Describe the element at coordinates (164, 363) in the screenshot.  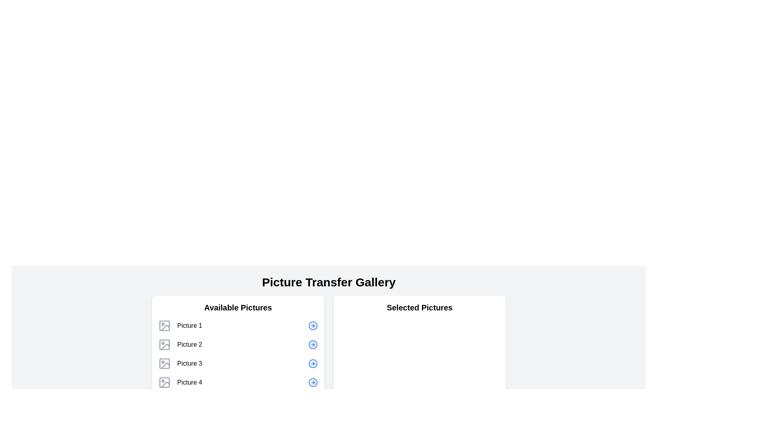
I see `the graphical background component of the 'Picture 3' icon in the 'Available Pictures' column of the 'Picture Transfer Gallery' interface` at that location.